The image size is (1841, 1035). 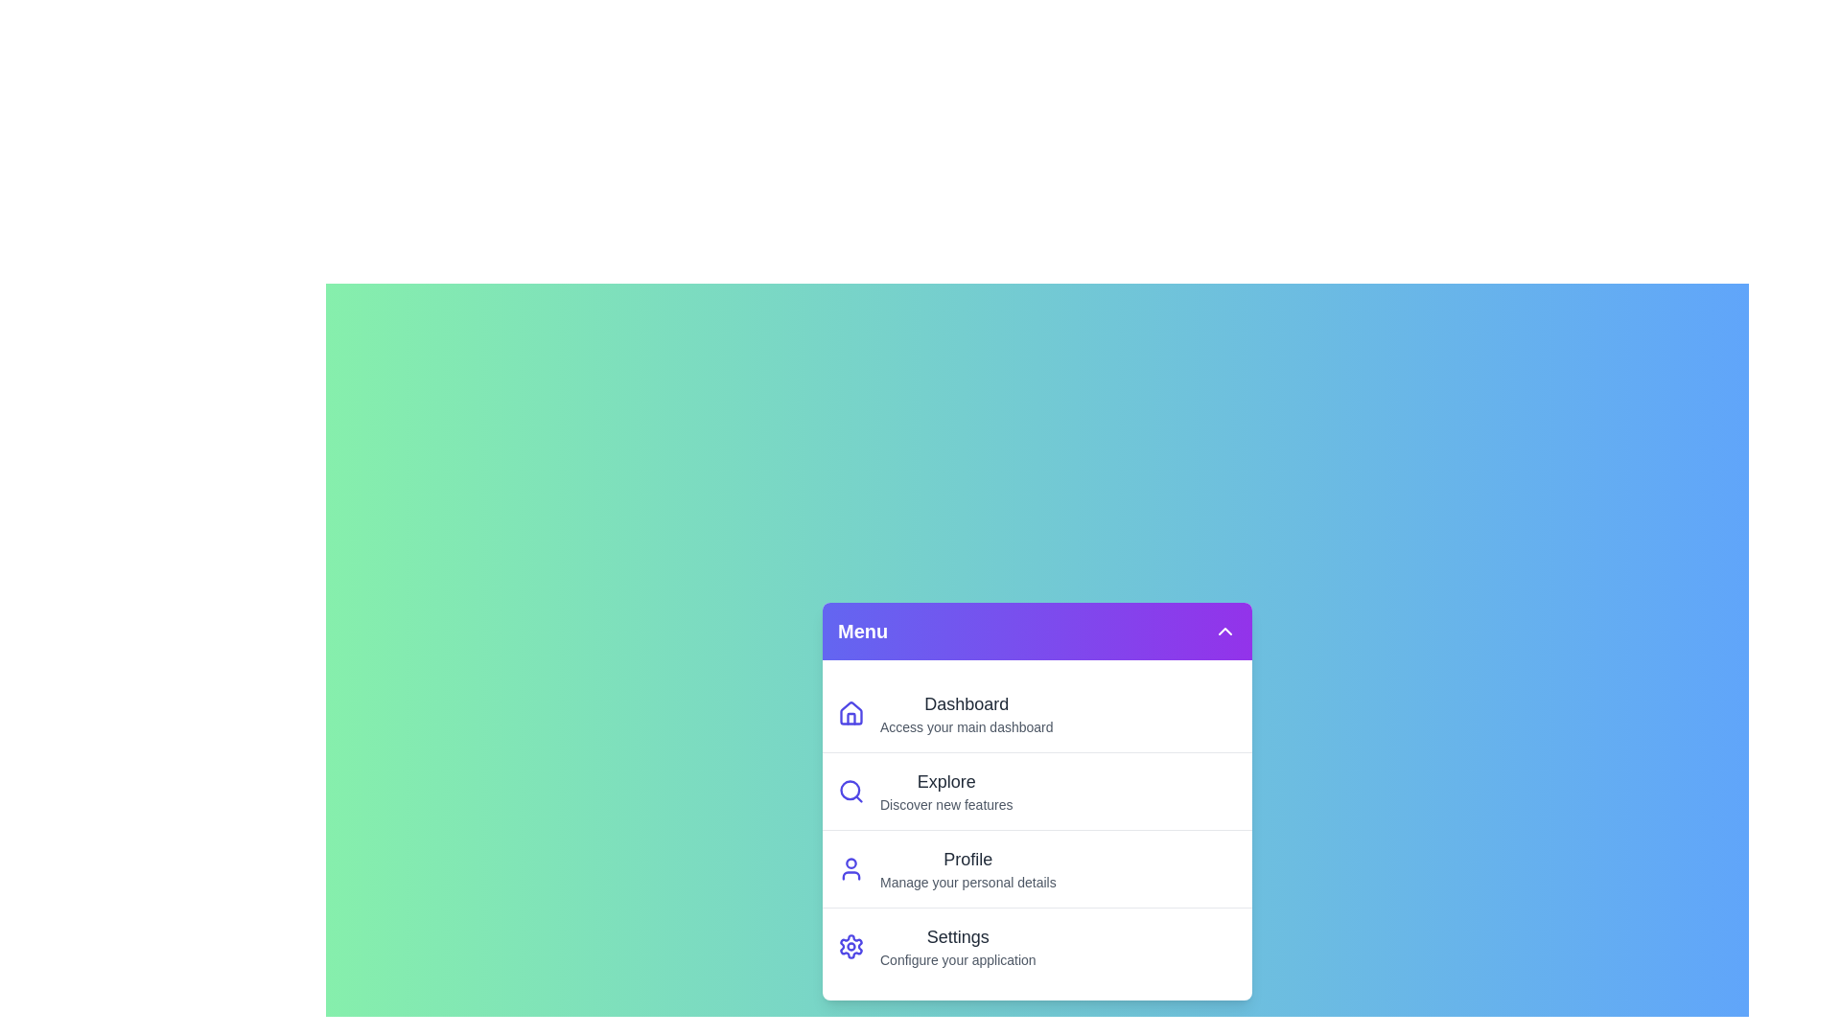 What do you see at coordinates (1036, 868) in the screenshot?
I see `the menu item Profile to view its hover effect` at bounding box center [1036, 868].